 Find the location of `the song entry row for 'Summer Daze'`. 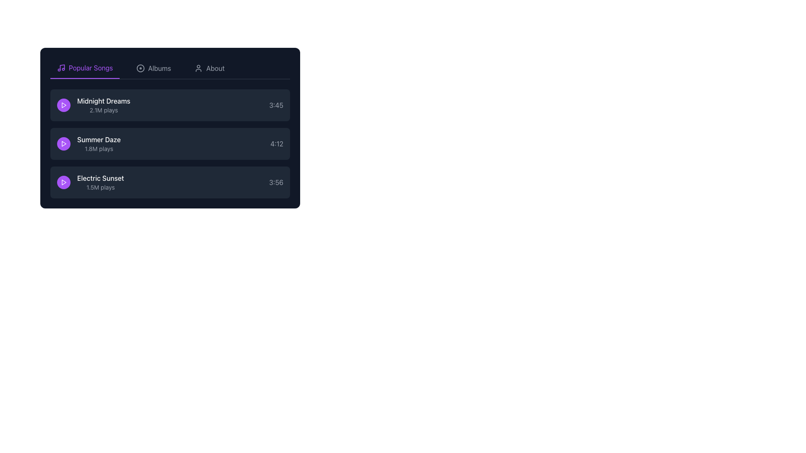

the song entry row for 'Summer Daze' is located at coordinates (170, 143).